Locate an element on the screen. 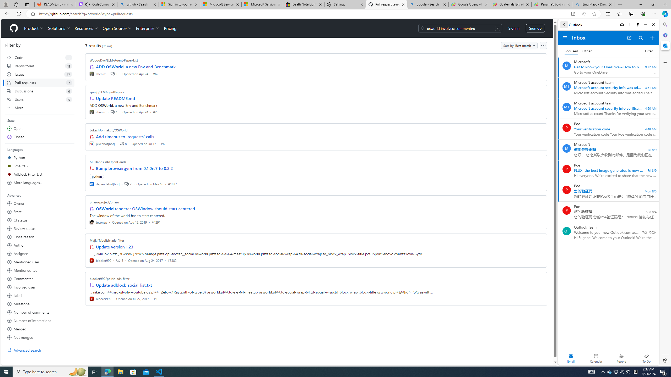 This screenshot has height=377, width=671. '#23' is located at coordinates (155, 111).